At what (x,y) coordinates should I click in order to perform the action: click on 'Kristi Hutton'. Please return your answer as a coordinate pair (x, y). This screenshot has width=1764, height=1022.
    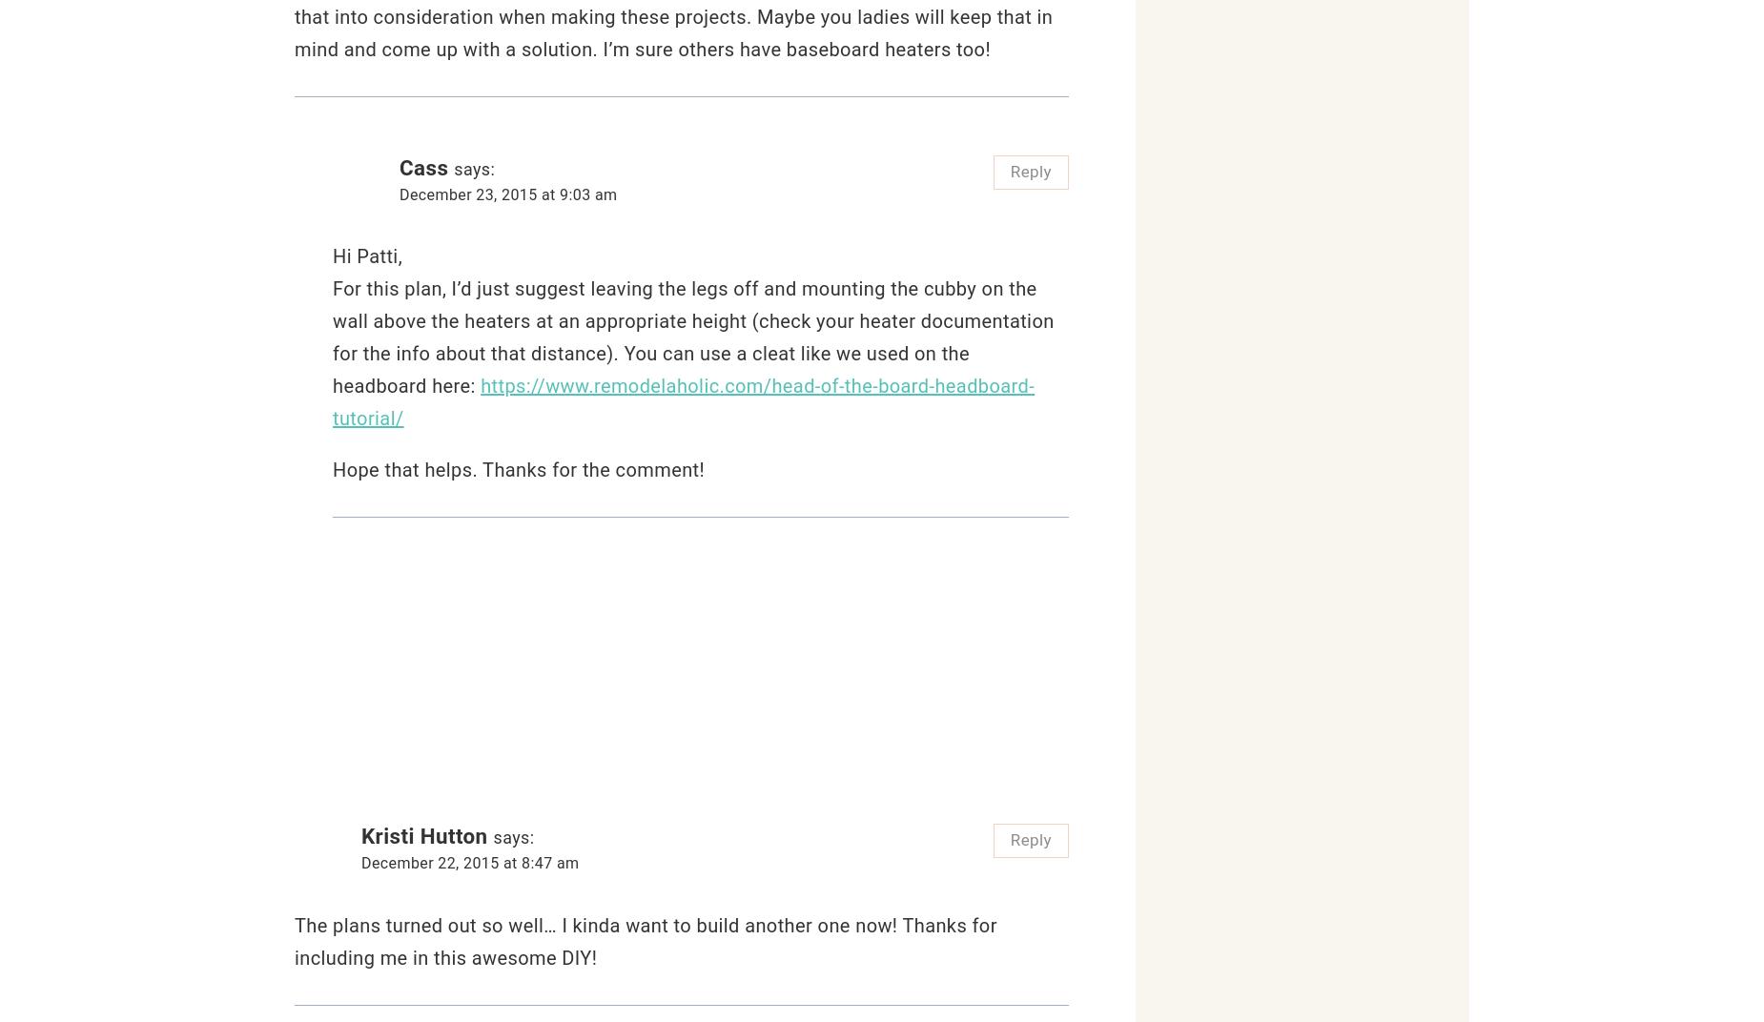
    Looking at the image, I should click on (360, 836).